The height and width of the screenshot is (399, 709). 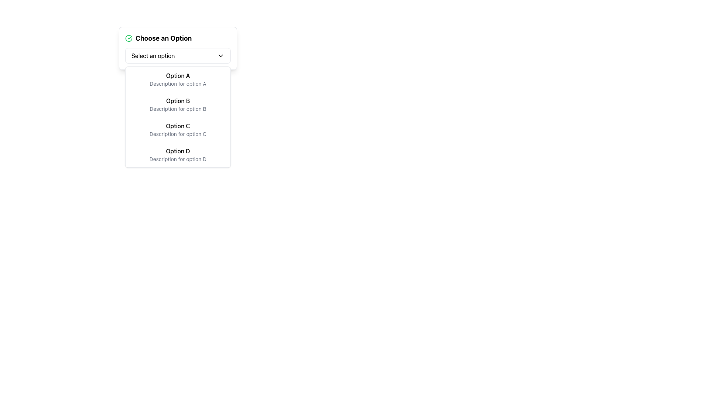 What do you see at coordinates (178, 104) in the screenshot?
I see `the second item in the dropdown menu list, positioned below 'Option A' and above 'Option C'` at bounding box center [178, 104].